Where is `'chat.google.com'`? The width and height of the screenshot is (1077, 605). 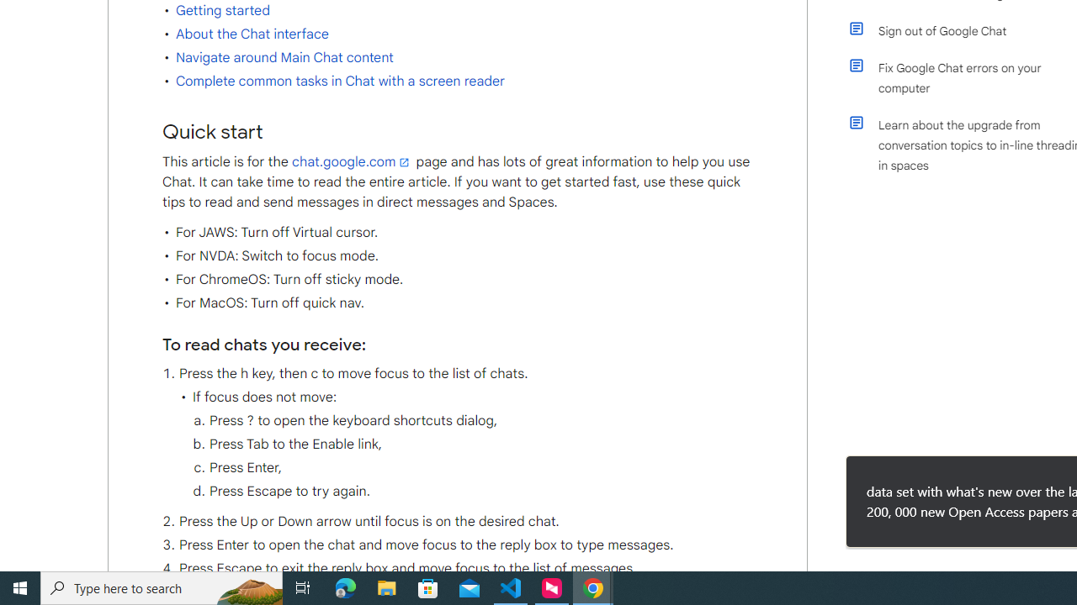 'chat.google.com' is located at coordinates (352, 161).